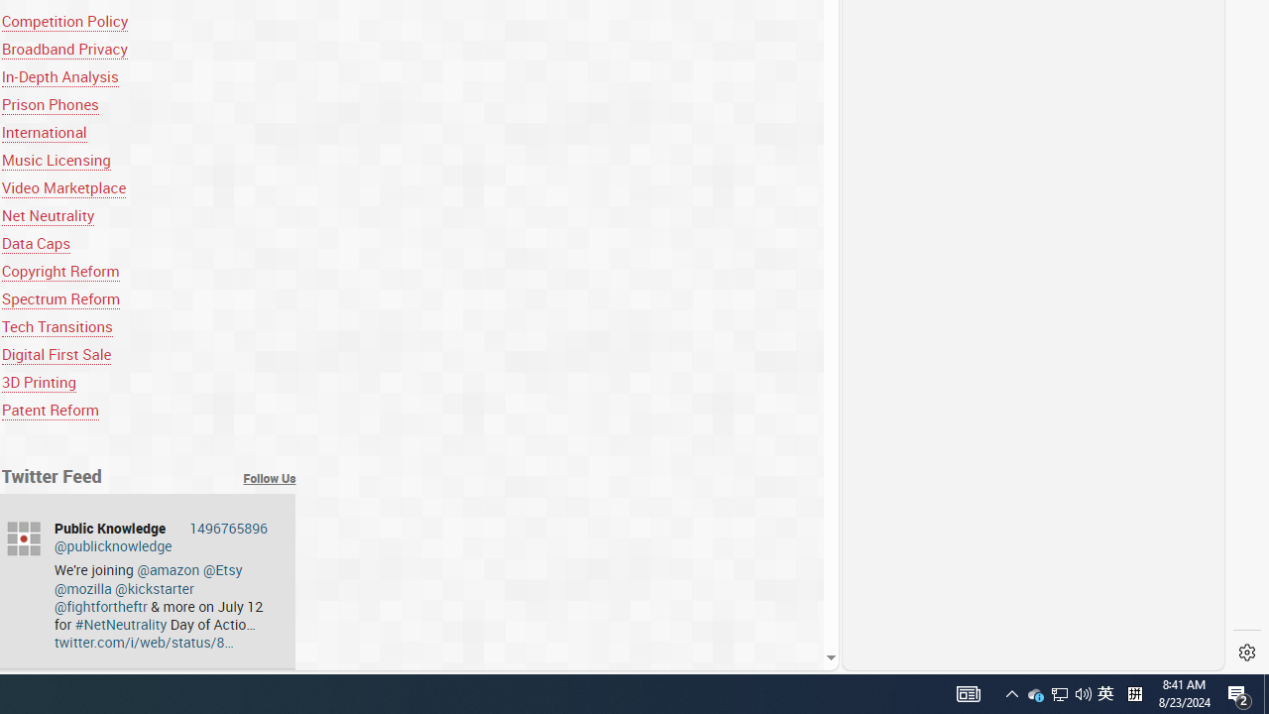 This screenshot has width=1269, height=714. Describe the element at coordinates (60, 298) in the screenshot. I see `'Spectrum Reform'` at that location.